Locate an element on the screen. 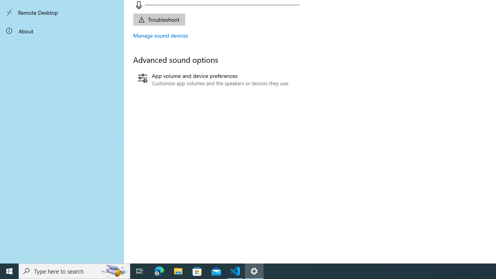 The height and width of the screenshot is (279, 496). 'Manage sound devices' is located at coordinates (160, 35).